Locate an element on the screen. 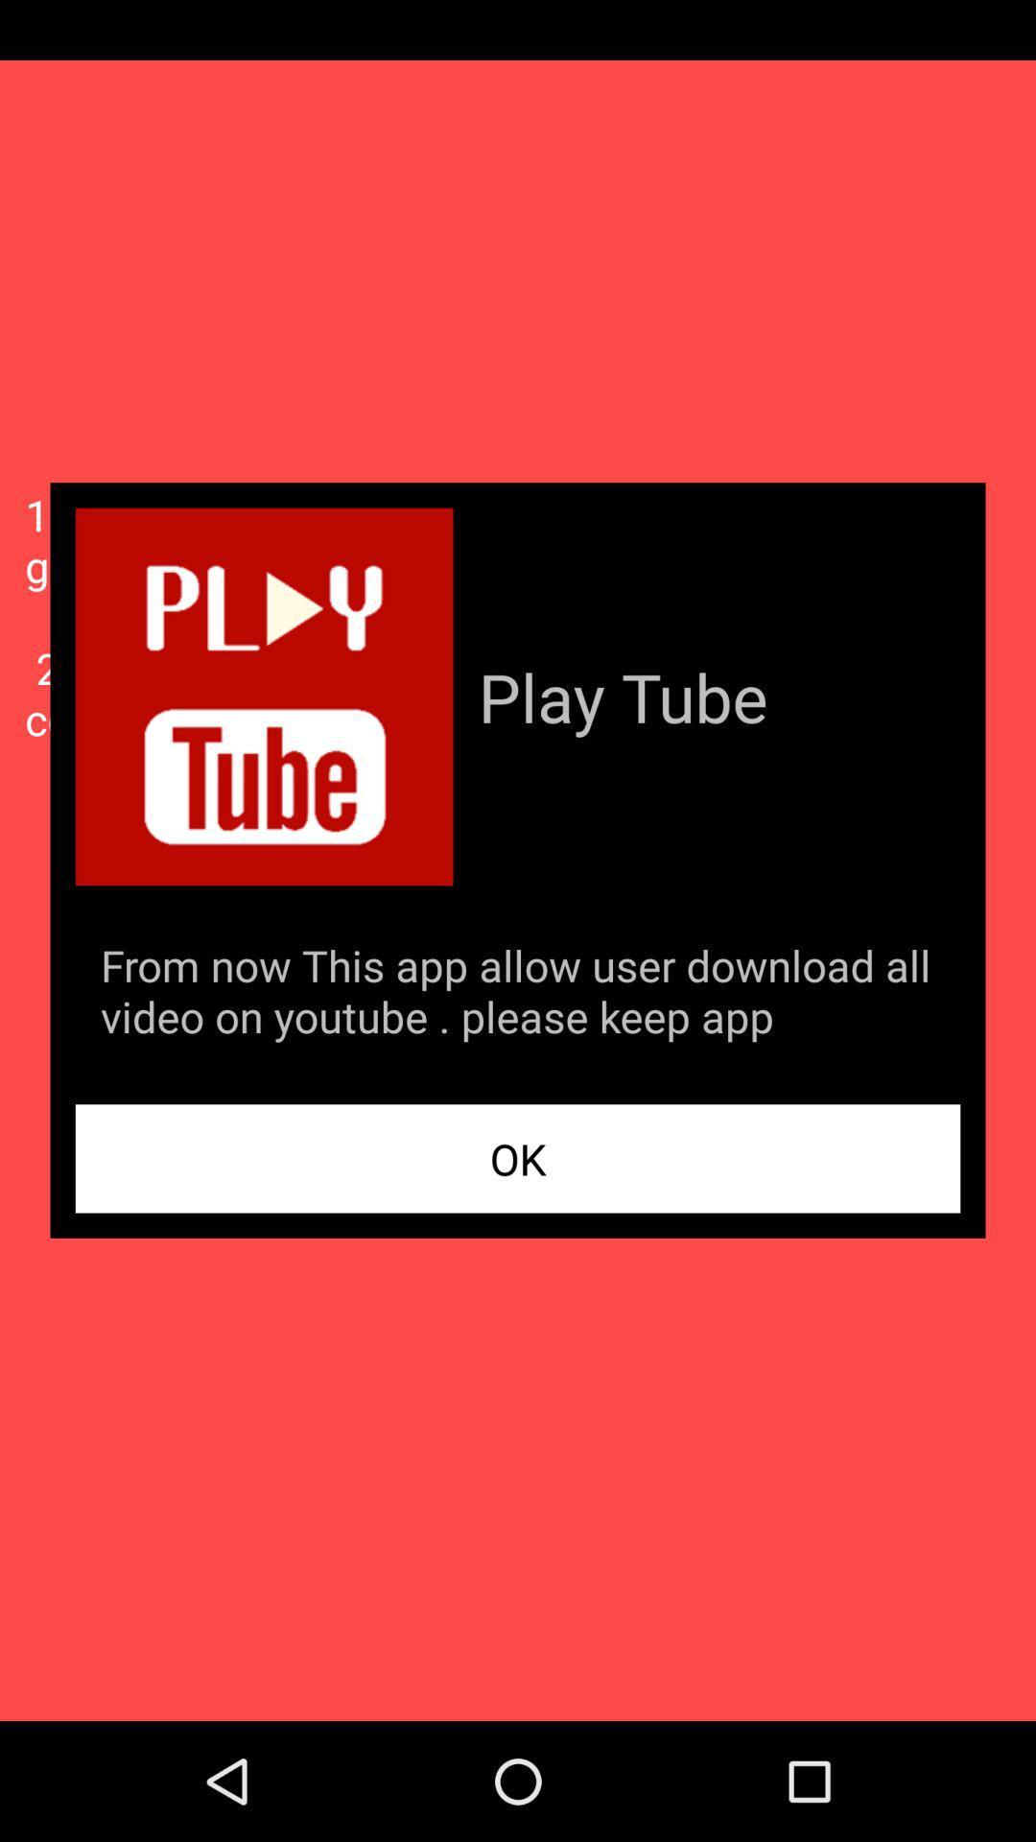 This screenshot has width=1036, height=1842. icon above ok button is located at coordinates (518, 995).